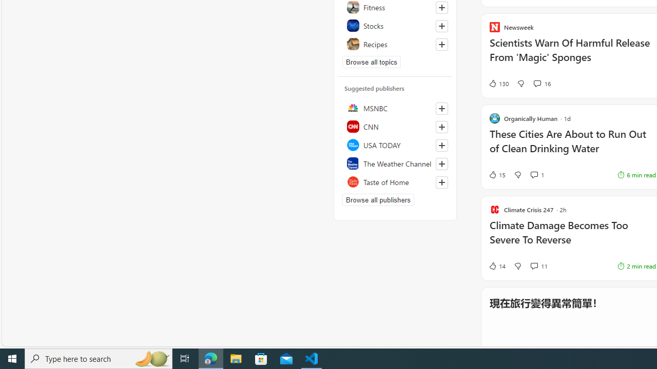 The image size is (657, 369). Describe the element at coordinates (536, 83) in the screenshot. I see `'View comments 16 Comment'` at that location.